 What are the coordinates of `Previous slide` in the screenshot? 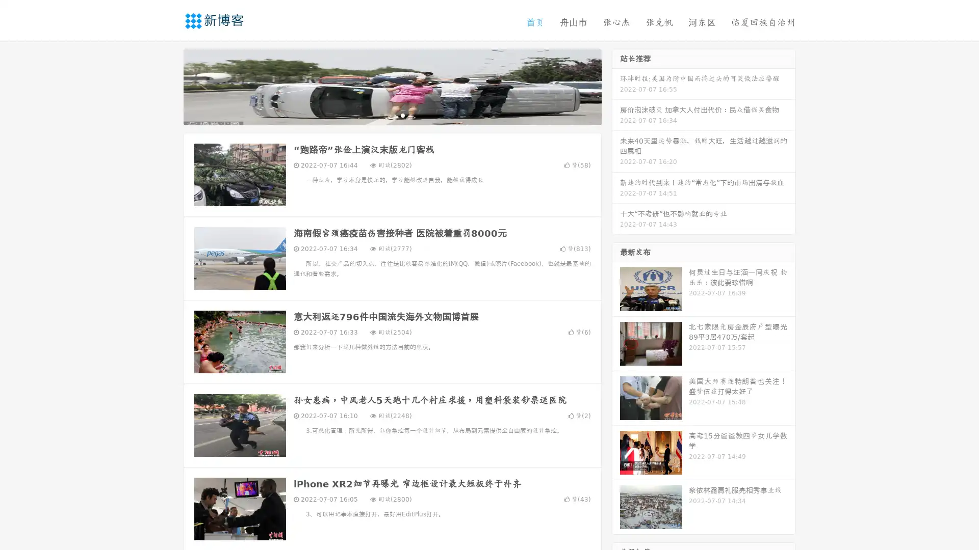 It's located at (168, 86).